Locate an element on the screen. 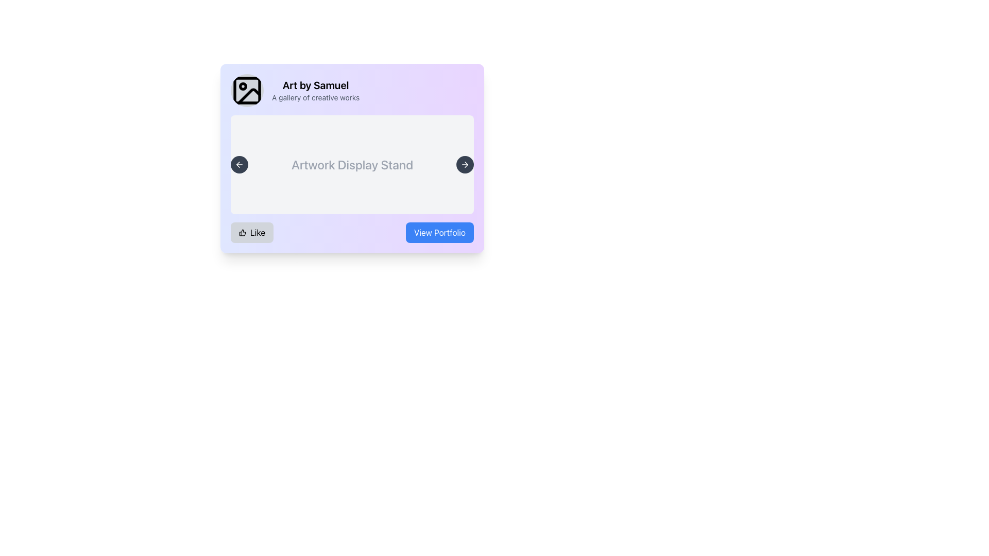  the 'View Portfolio' button, which is a bright blue rectangular button with rounded corners is located at coordinates (439, 232).